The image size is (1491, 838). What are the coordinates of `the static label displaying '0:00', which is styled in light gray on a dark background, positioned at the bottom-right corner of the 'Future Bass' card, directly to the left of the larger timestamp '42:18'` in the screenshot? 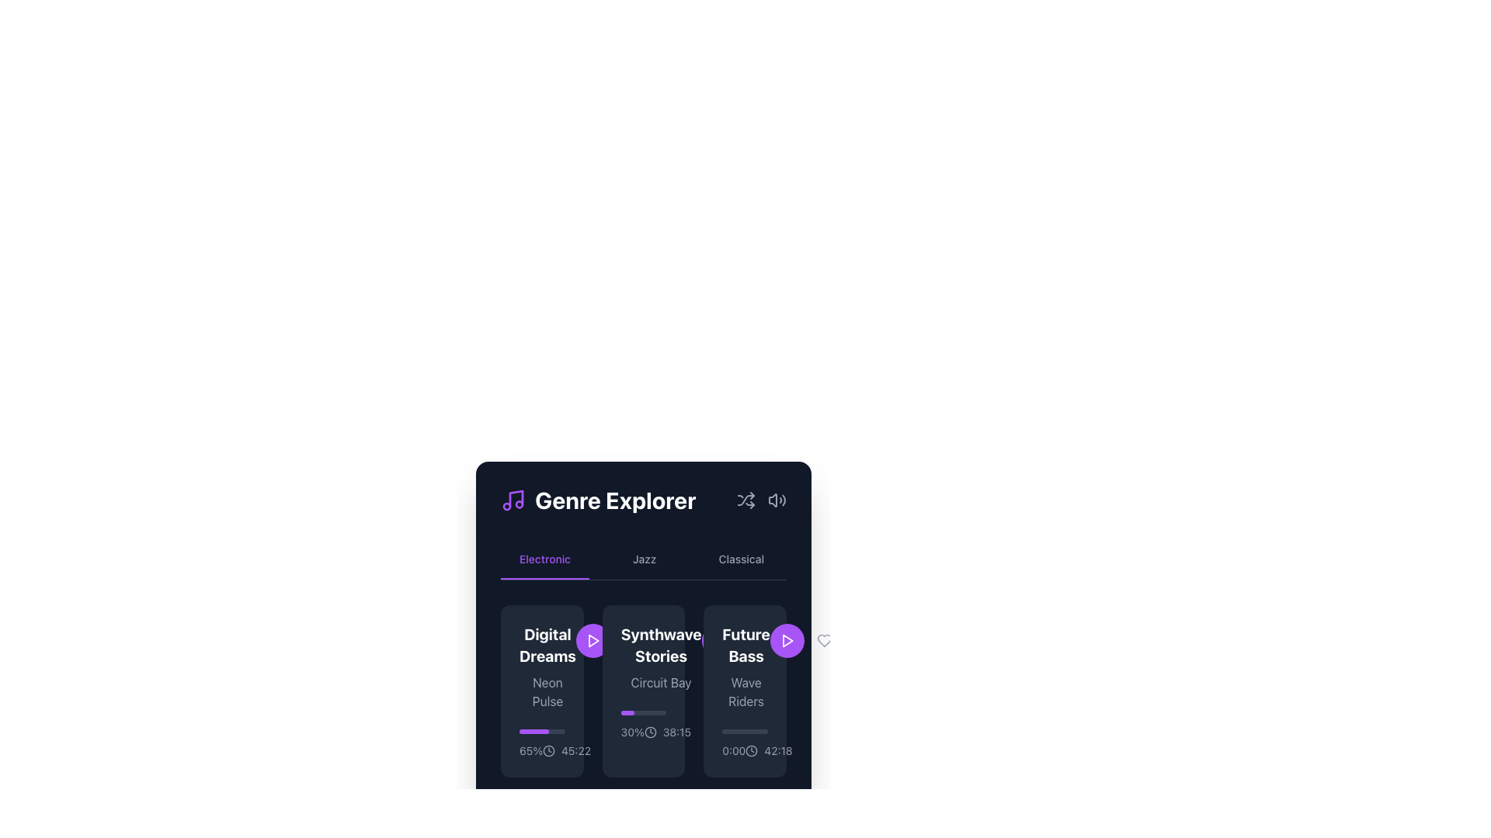 It's located at (733, 750).